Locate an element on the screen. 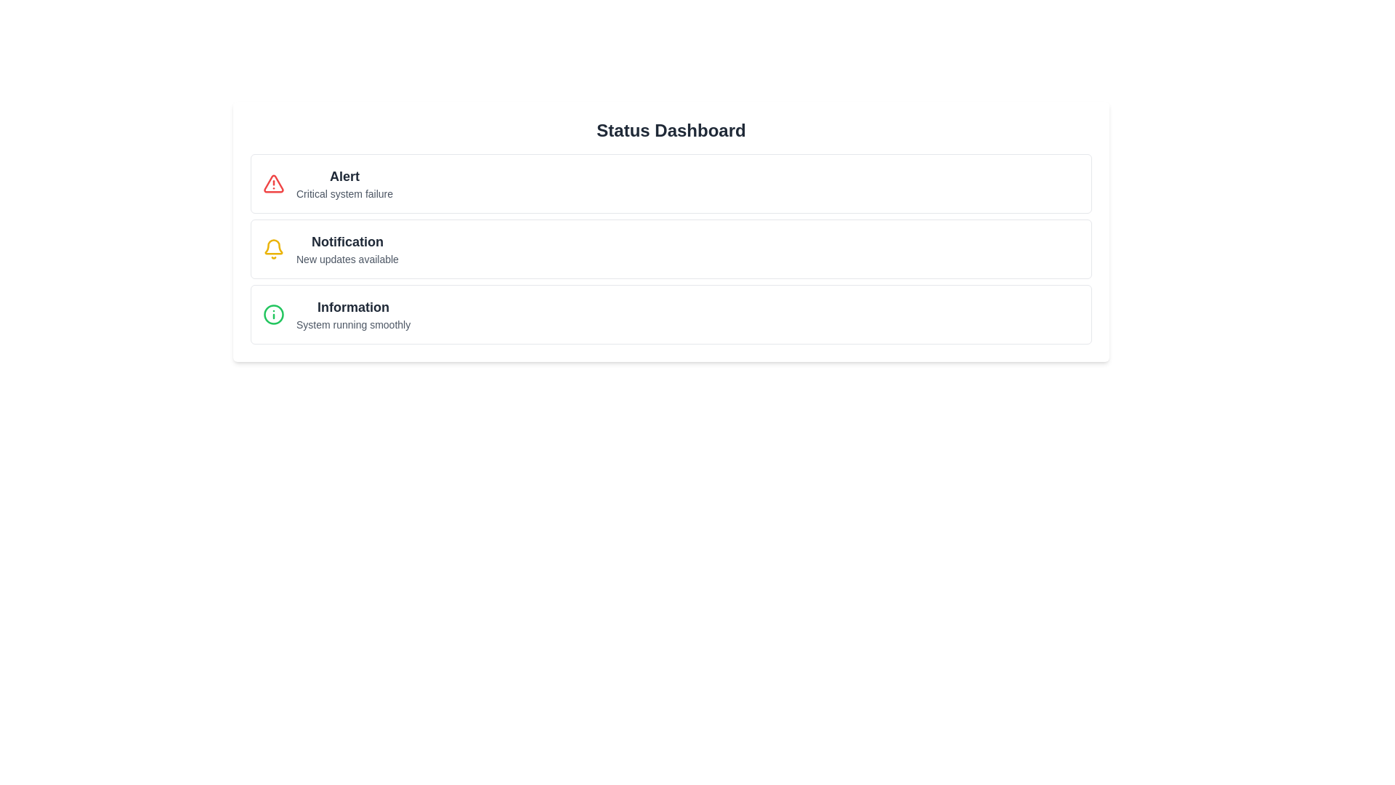 The image size is (1395, 785). the text block displaying 'Critical system failure' located beneath the 'Alert' heading in the notification section is located at coordinates (344, 193).